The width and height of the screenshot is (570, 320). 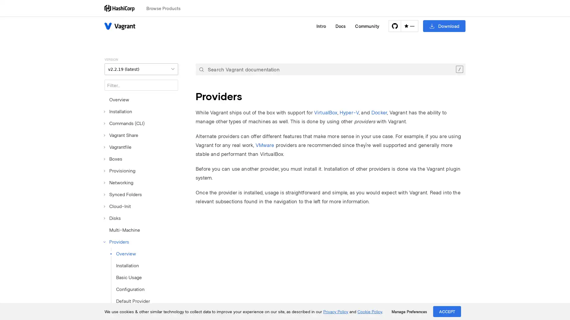 What do you see at coordinates (113, 159) in the screenshot?
I see `Boxes` at bounding box center [113, 159].